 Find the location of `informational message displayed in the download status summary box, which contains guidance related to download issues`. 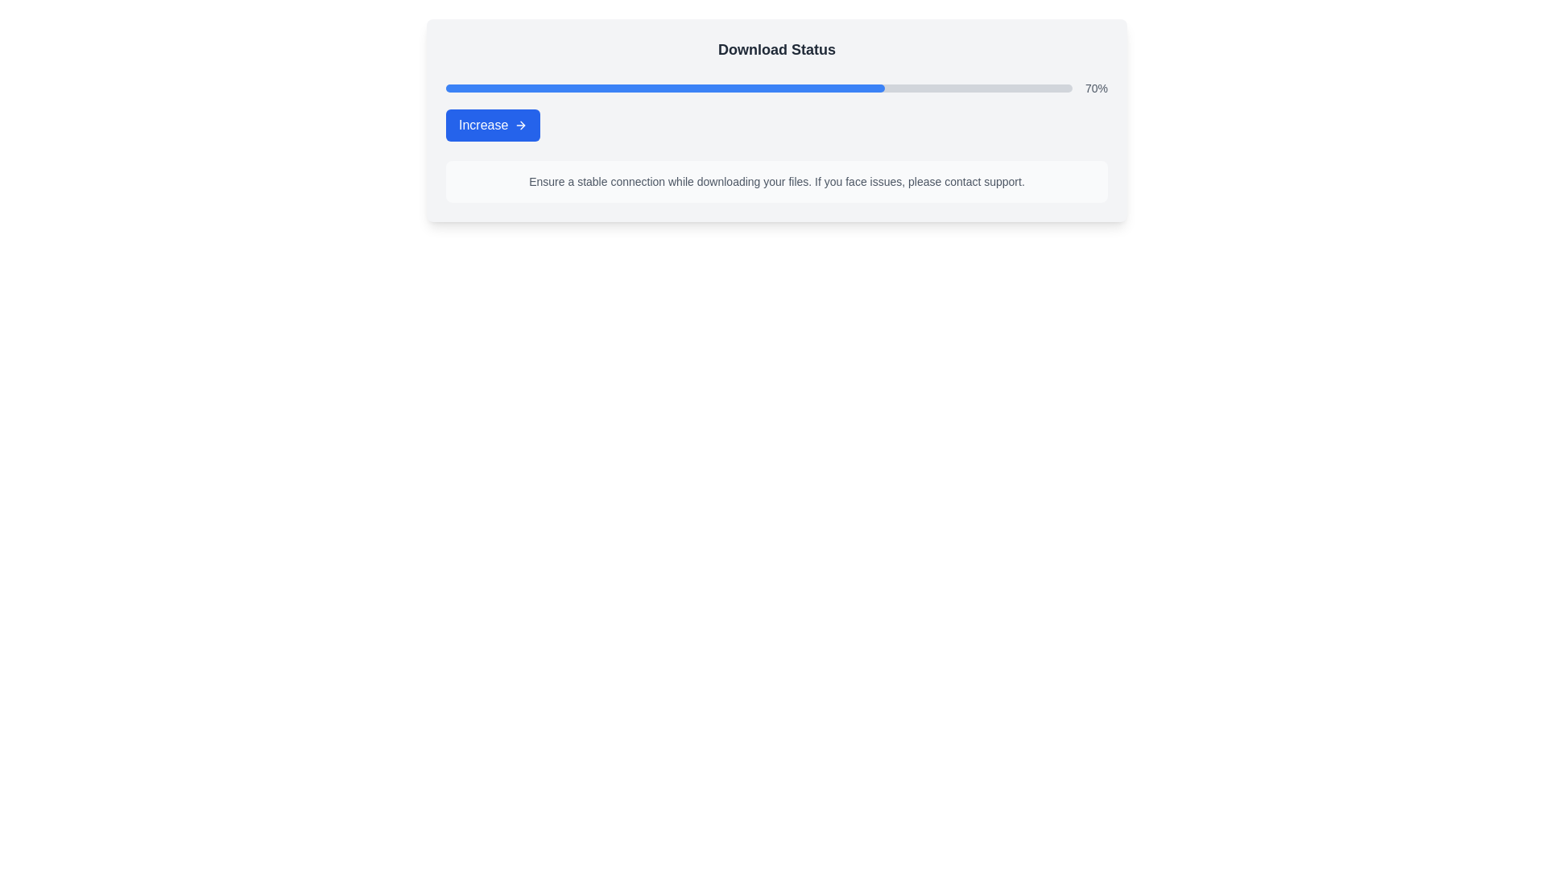

informational message displayed in the download status summary box, which contains guidance related to download issues is located at coordinates (776, 120).